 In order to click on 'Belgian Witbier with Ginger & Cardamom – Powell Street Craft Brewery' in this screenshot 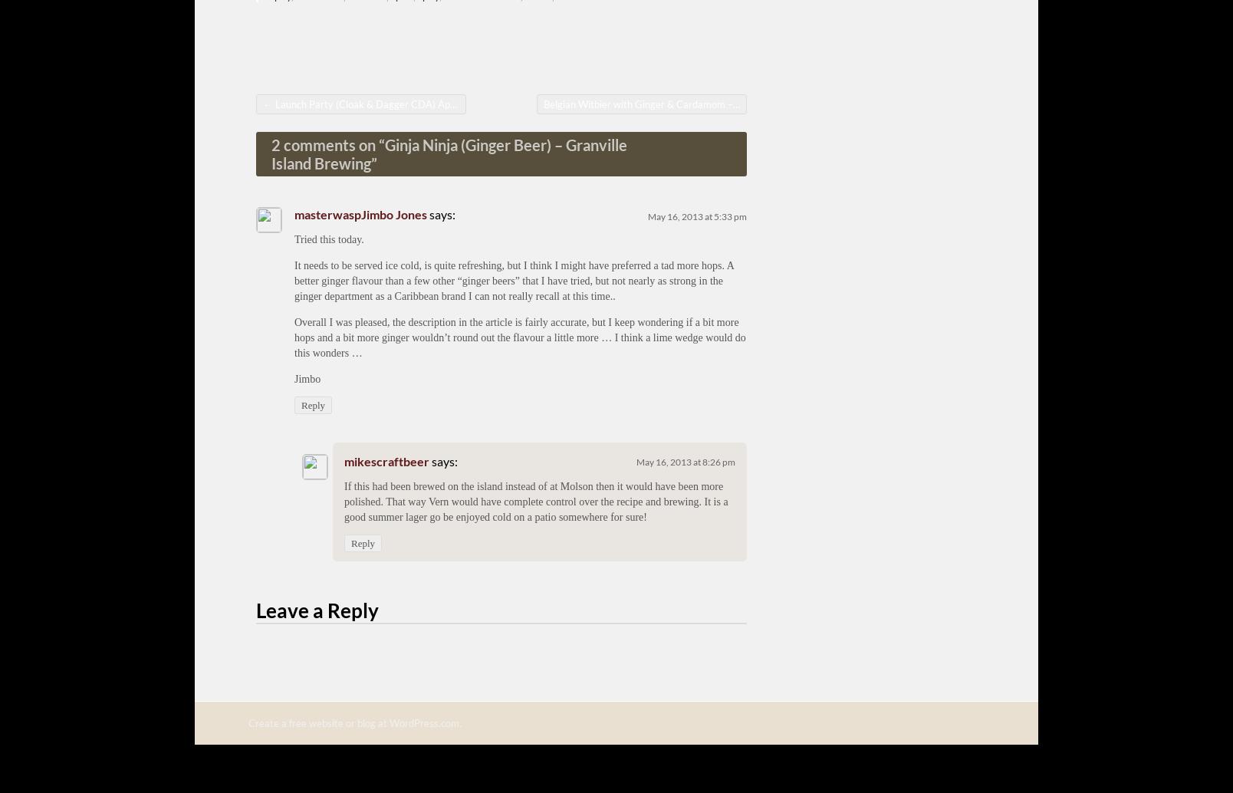, I will do `click(542, 104)`.